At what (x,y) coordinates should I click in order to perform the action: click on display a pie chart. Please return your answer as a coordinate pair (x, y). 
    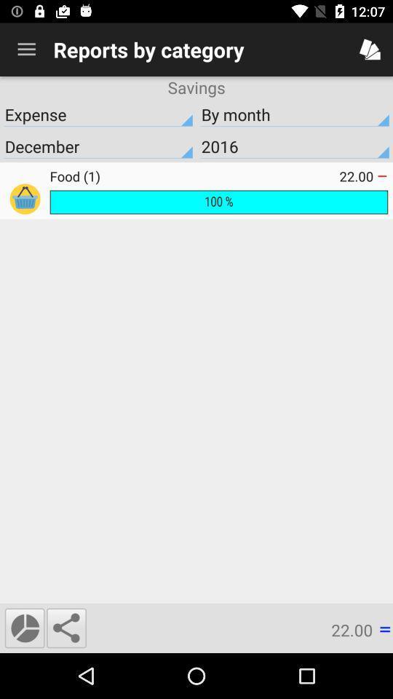
    Looking at the image, I should click on (24, 627).